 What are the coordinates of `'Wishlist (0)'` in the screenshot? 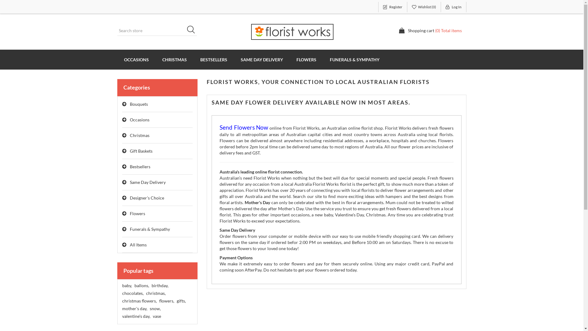 It's located at (407, 7).